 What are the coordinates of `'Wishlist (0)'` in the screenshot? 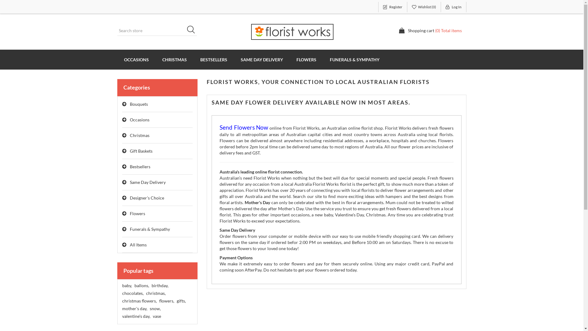 It's located at (407, 7).